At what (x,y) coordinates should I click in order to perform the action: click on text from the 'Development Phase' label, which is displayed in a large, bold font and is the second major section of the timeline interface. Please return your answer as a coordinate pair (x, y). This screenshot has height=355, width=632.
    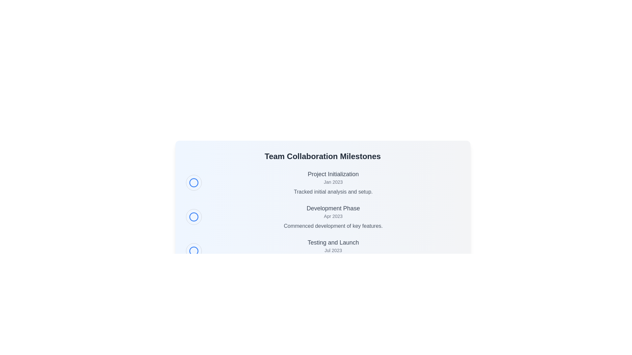
    Looking at the image, I should click on (333, 208).